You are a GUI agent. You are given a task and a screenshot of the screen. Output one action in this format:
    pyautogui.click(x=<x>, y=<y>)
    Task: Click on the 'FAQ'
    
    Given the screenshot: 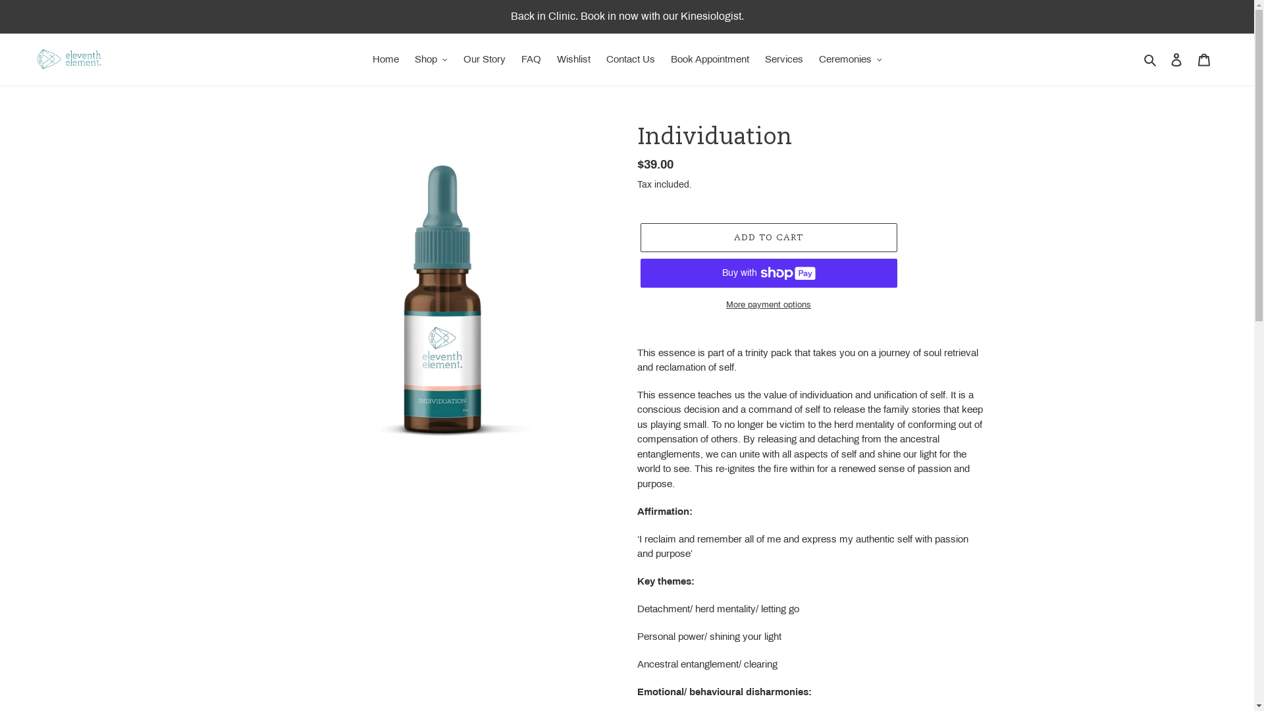 What is the action you would take?
    pyautogui.click(x=514, y=59)
    